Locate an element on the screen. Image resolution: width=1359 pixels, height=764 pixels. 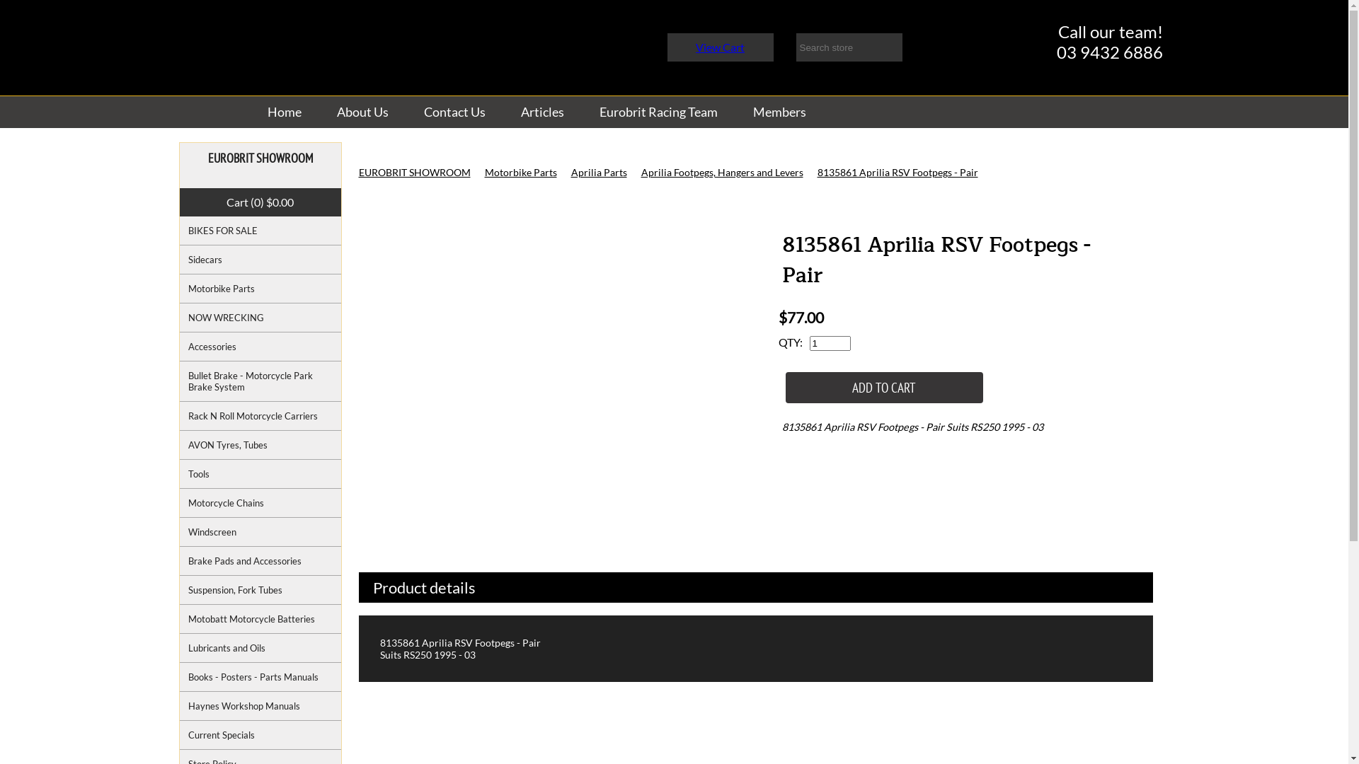
'Contact Us' is located at coordinates (454, 111).